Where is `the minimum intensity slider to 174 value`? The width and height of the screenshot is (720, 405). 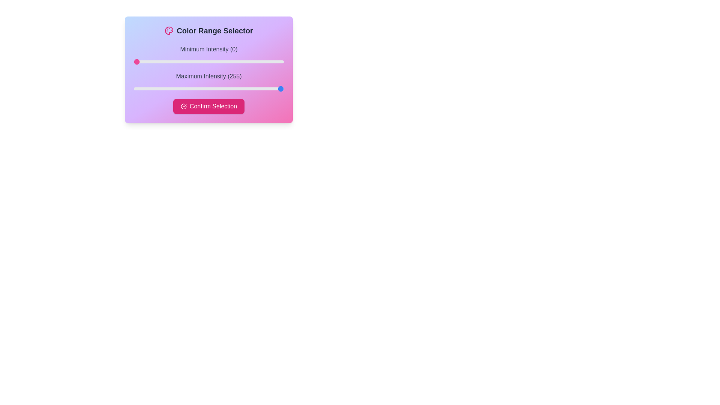
the minimum intensity slider to 174 value is located at coordinates (235, 61).